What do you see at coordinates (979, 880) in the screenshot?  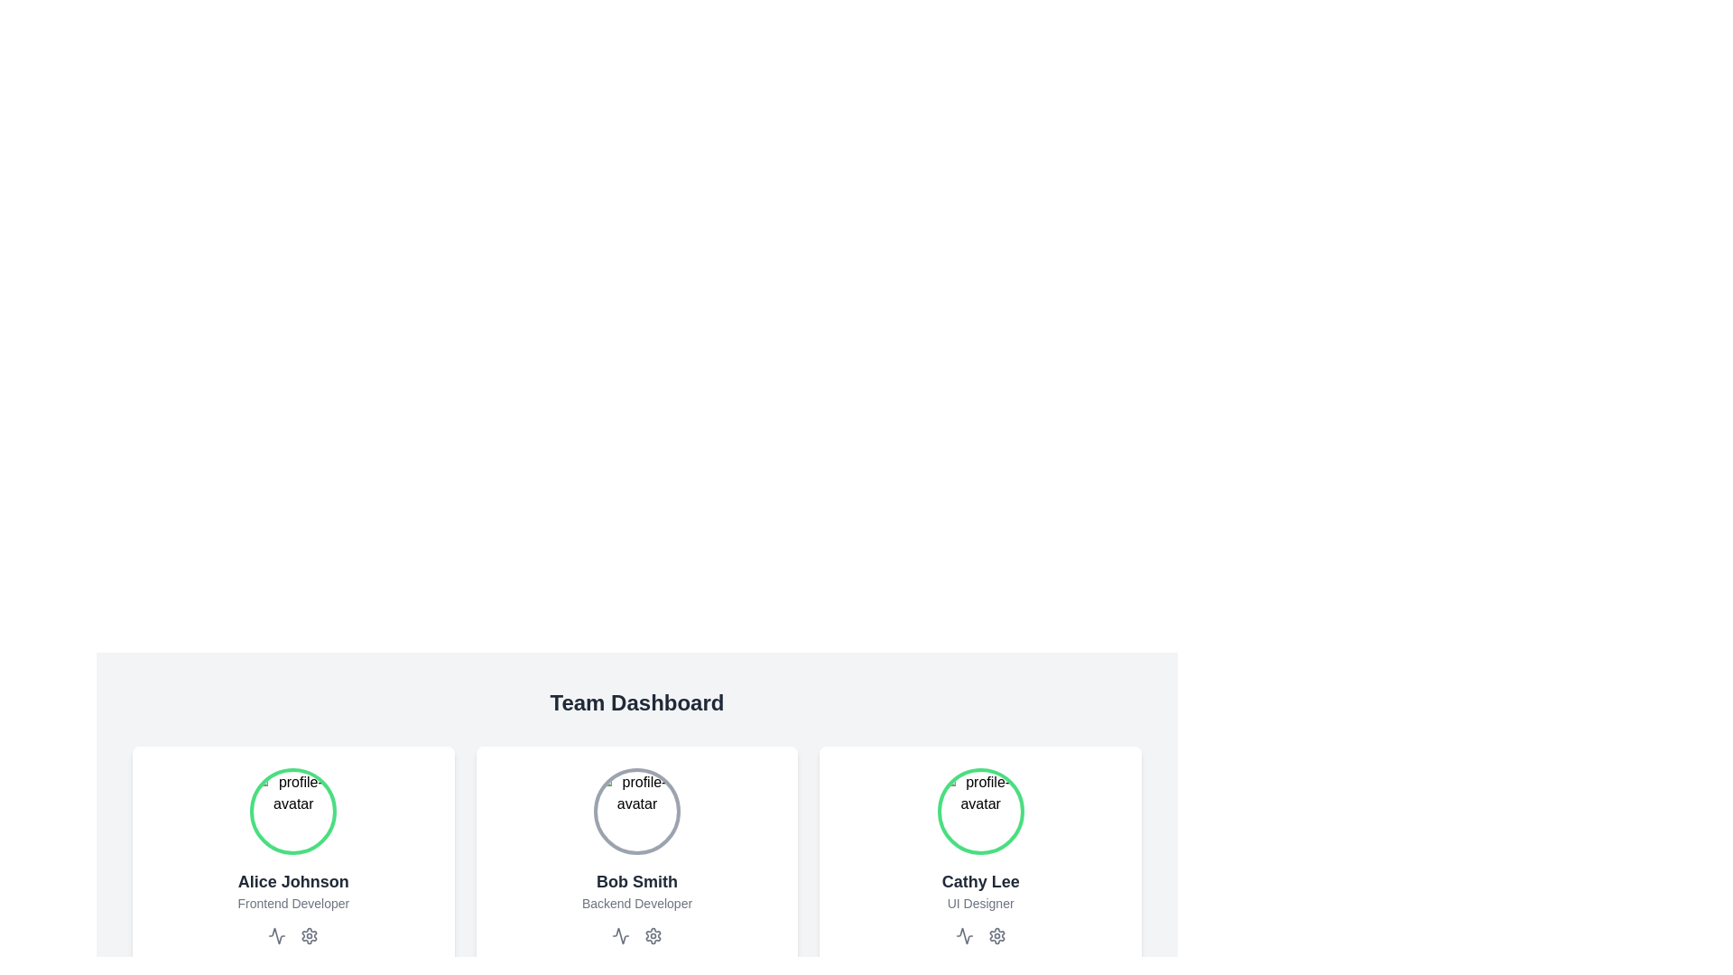 I see `the text label displaying the name 'Cathy Lee' located in the bottom section of the third profile card, above 'UI Designer' and below the circular avatar placeholder` at bounding box center [979, 880].